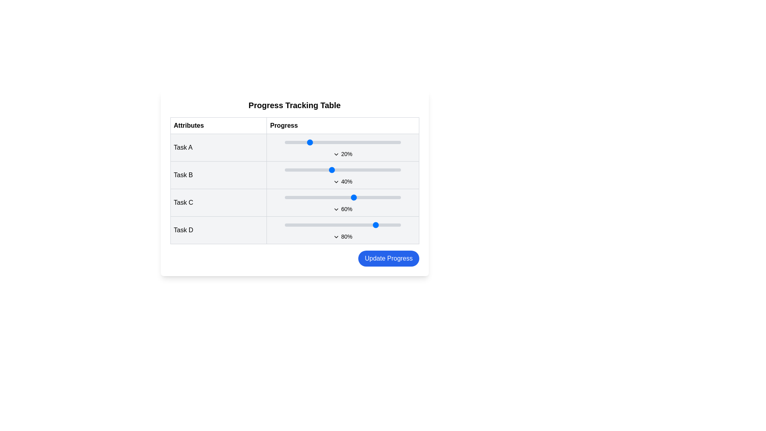 This screenshot has height=431, width=766. Describe the element at coordinates (284, 197) in the screenshot. I see `the progress level` at that location.